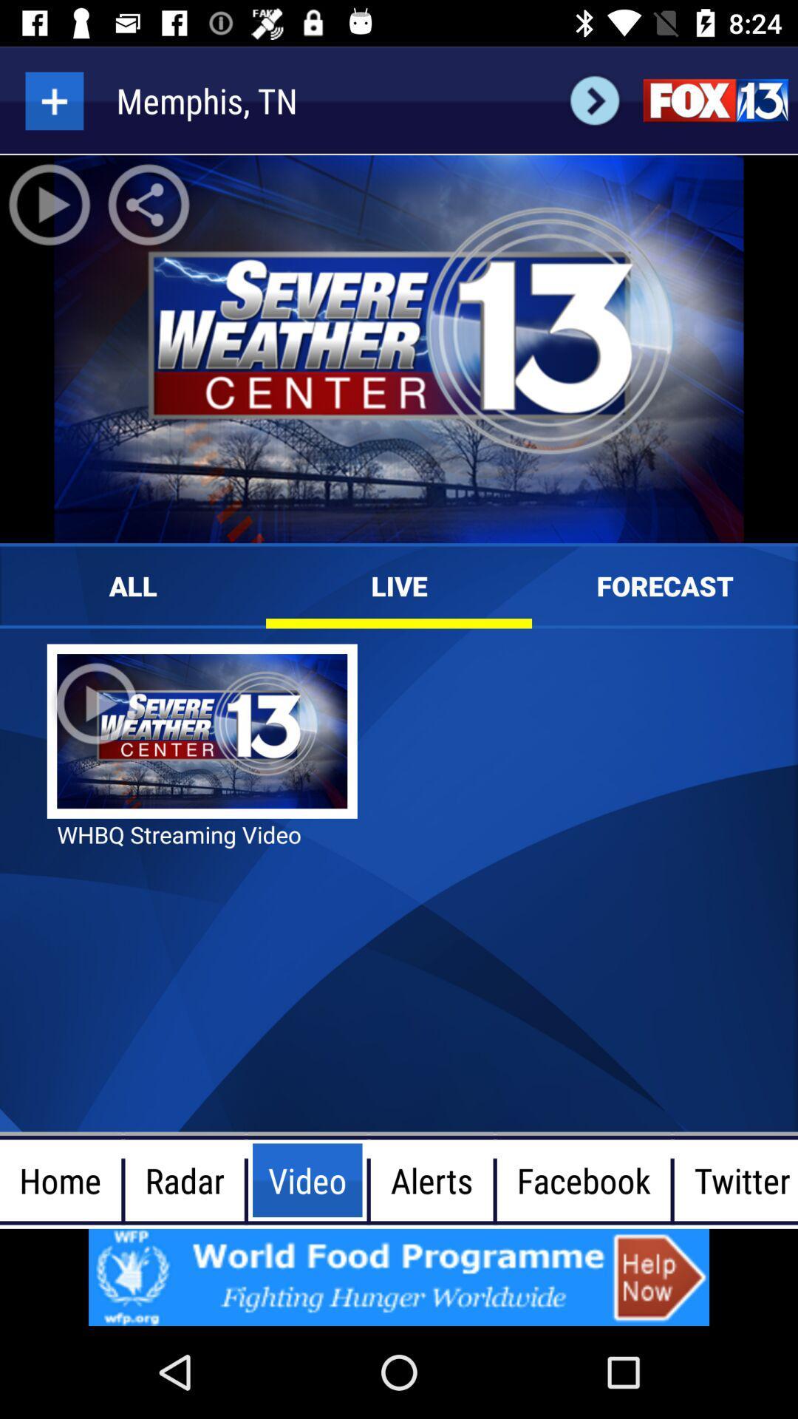 This screenshot has width=798, height=1419. Describe the element at coordinates (594, 100) in the screenshot. I see `next option` at that location.